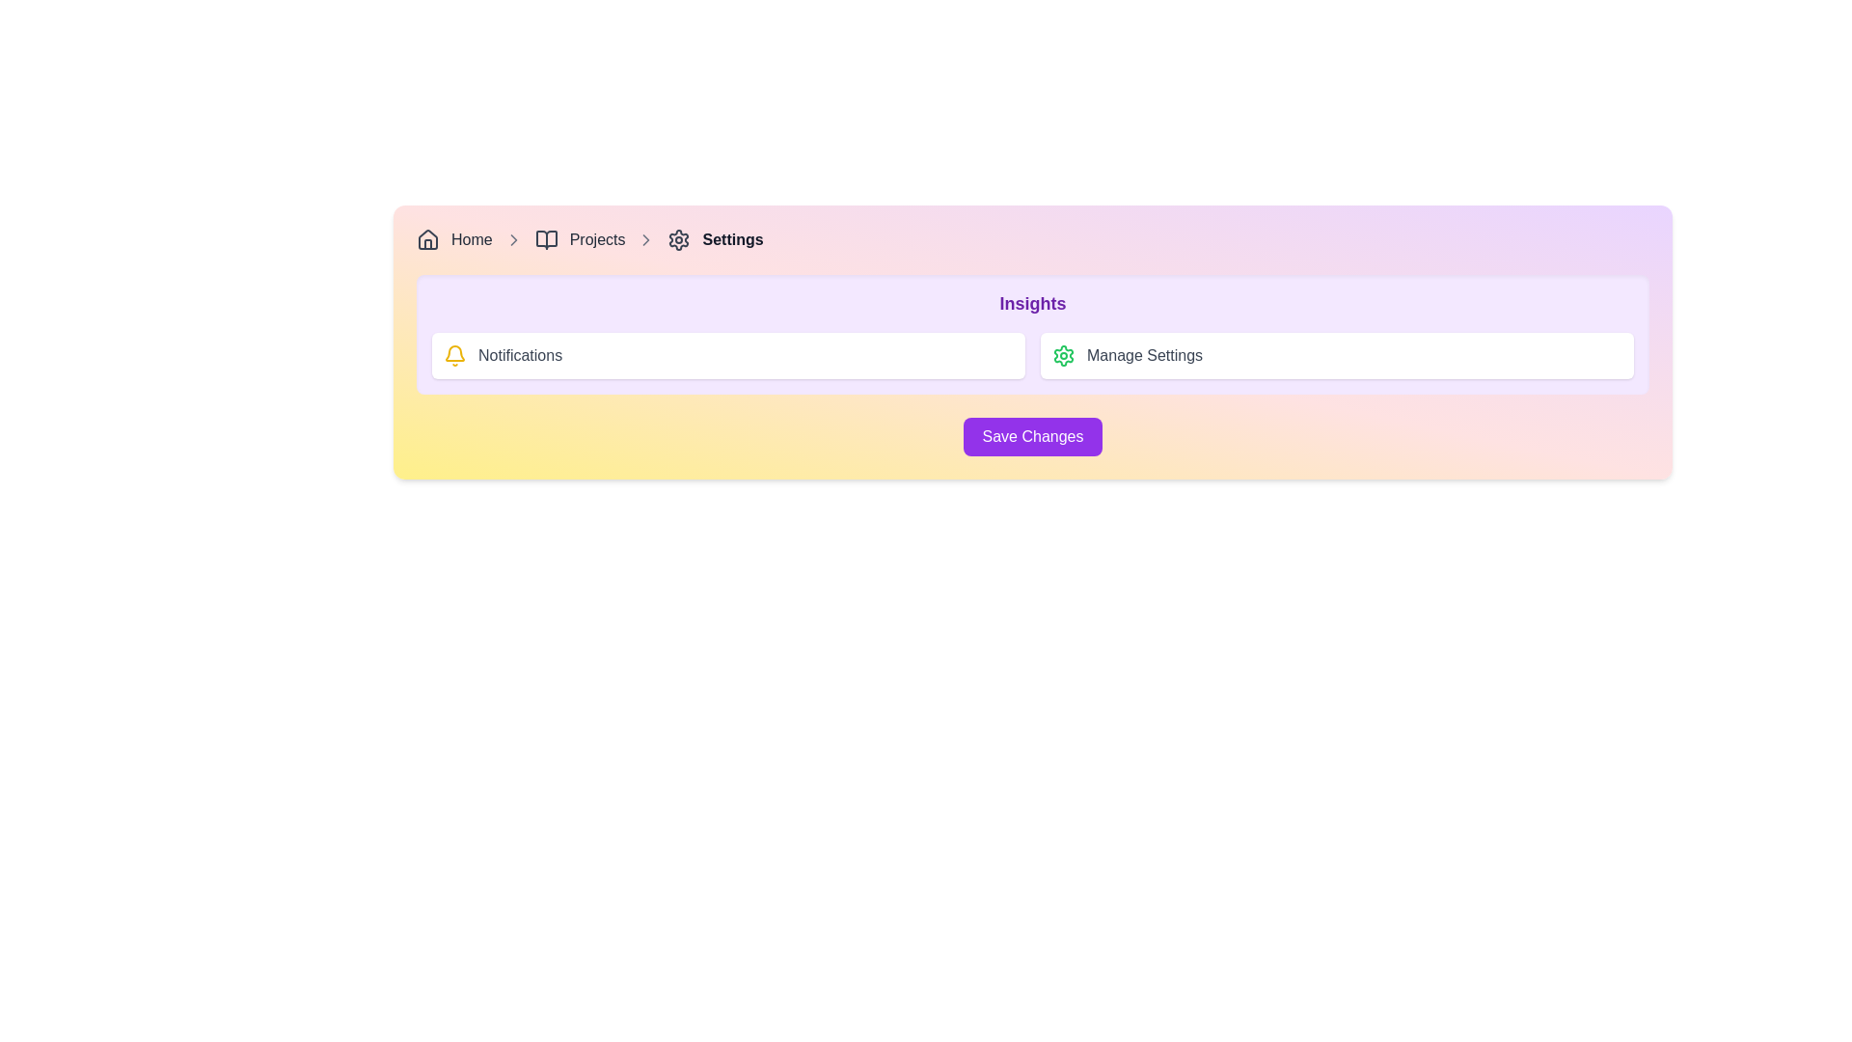  Describe the element at coordinates (1063, 356) in the screenshot. I see `the gear-shaped icon with a green outline and highlighted background` at that location.